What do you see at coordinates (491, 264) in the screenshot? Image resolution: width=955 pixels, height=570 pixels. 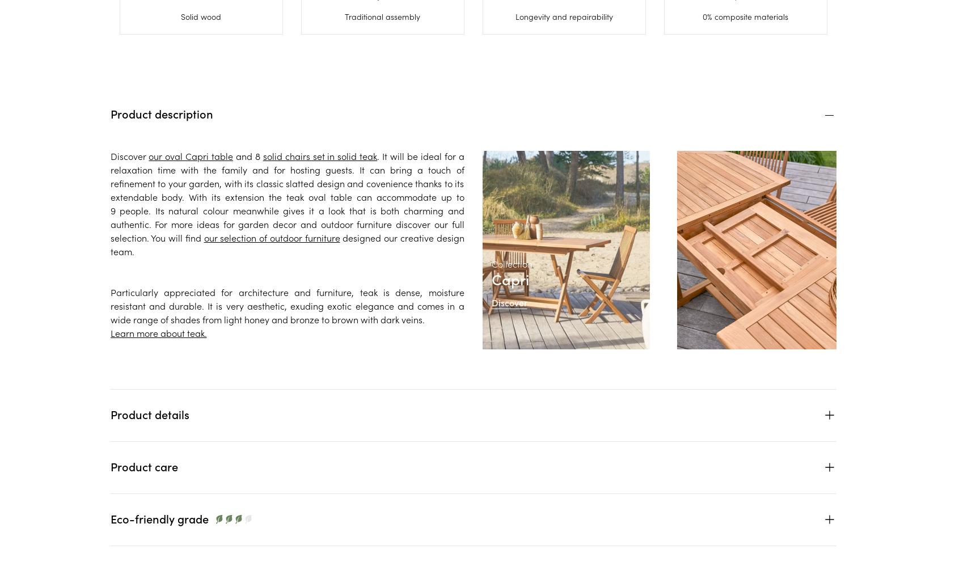 I see `'Collection'` at bounding box center [491, 264].